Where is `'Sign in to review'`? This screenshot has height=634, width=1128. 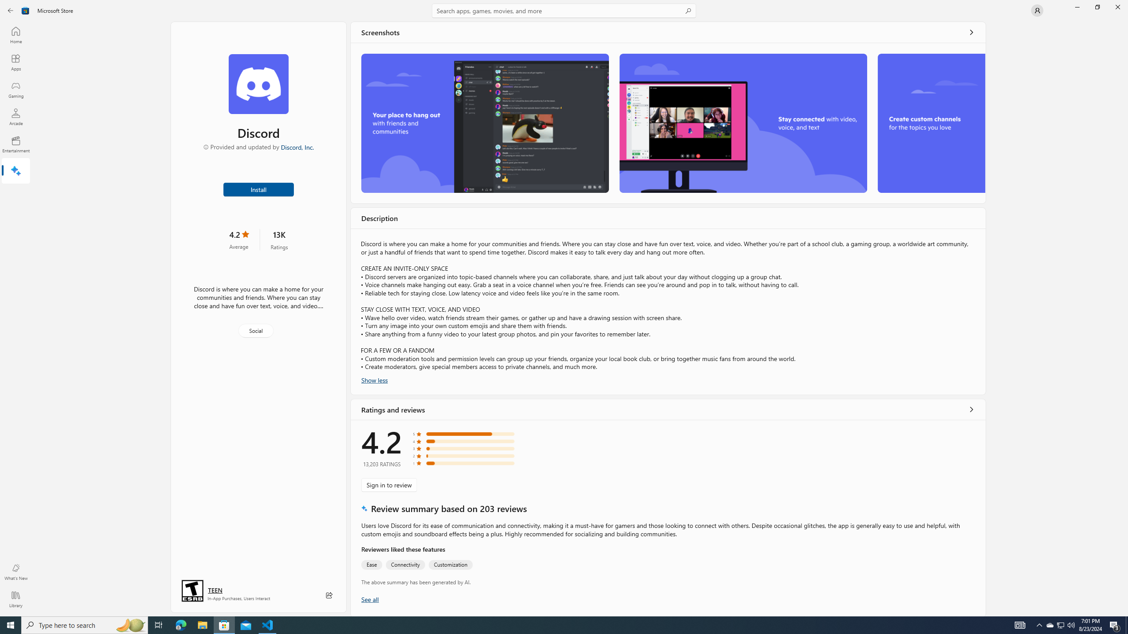 'Sign in to review' is located at coordinates (389, 484).